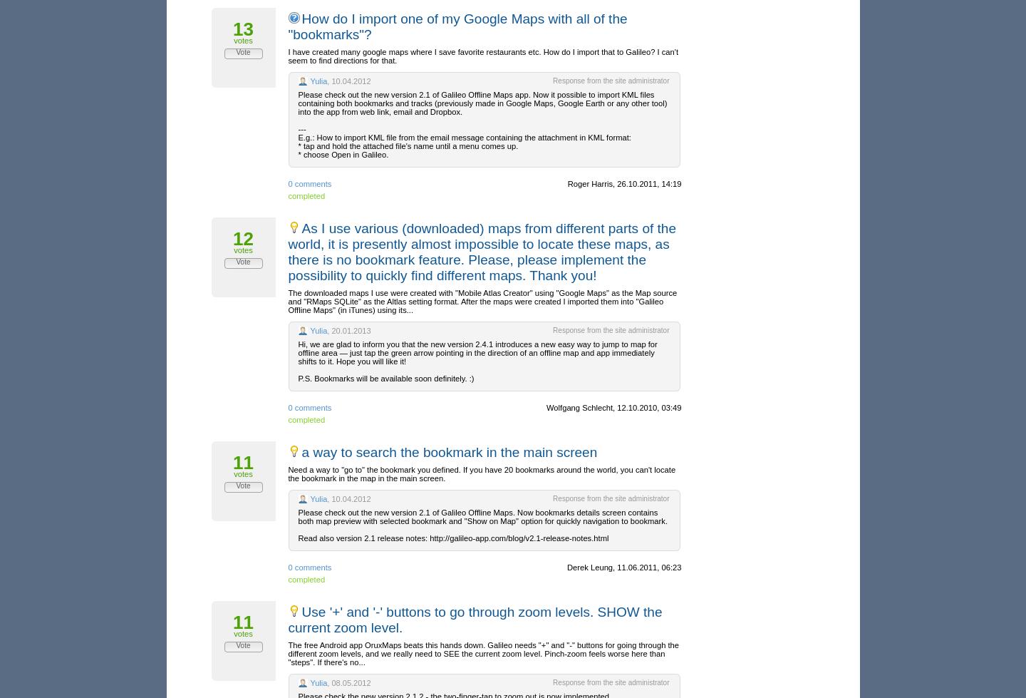  I want to click on 'E.g.: How to import KML file from the email message containing the attachment in KML format:', so click(463, 137).